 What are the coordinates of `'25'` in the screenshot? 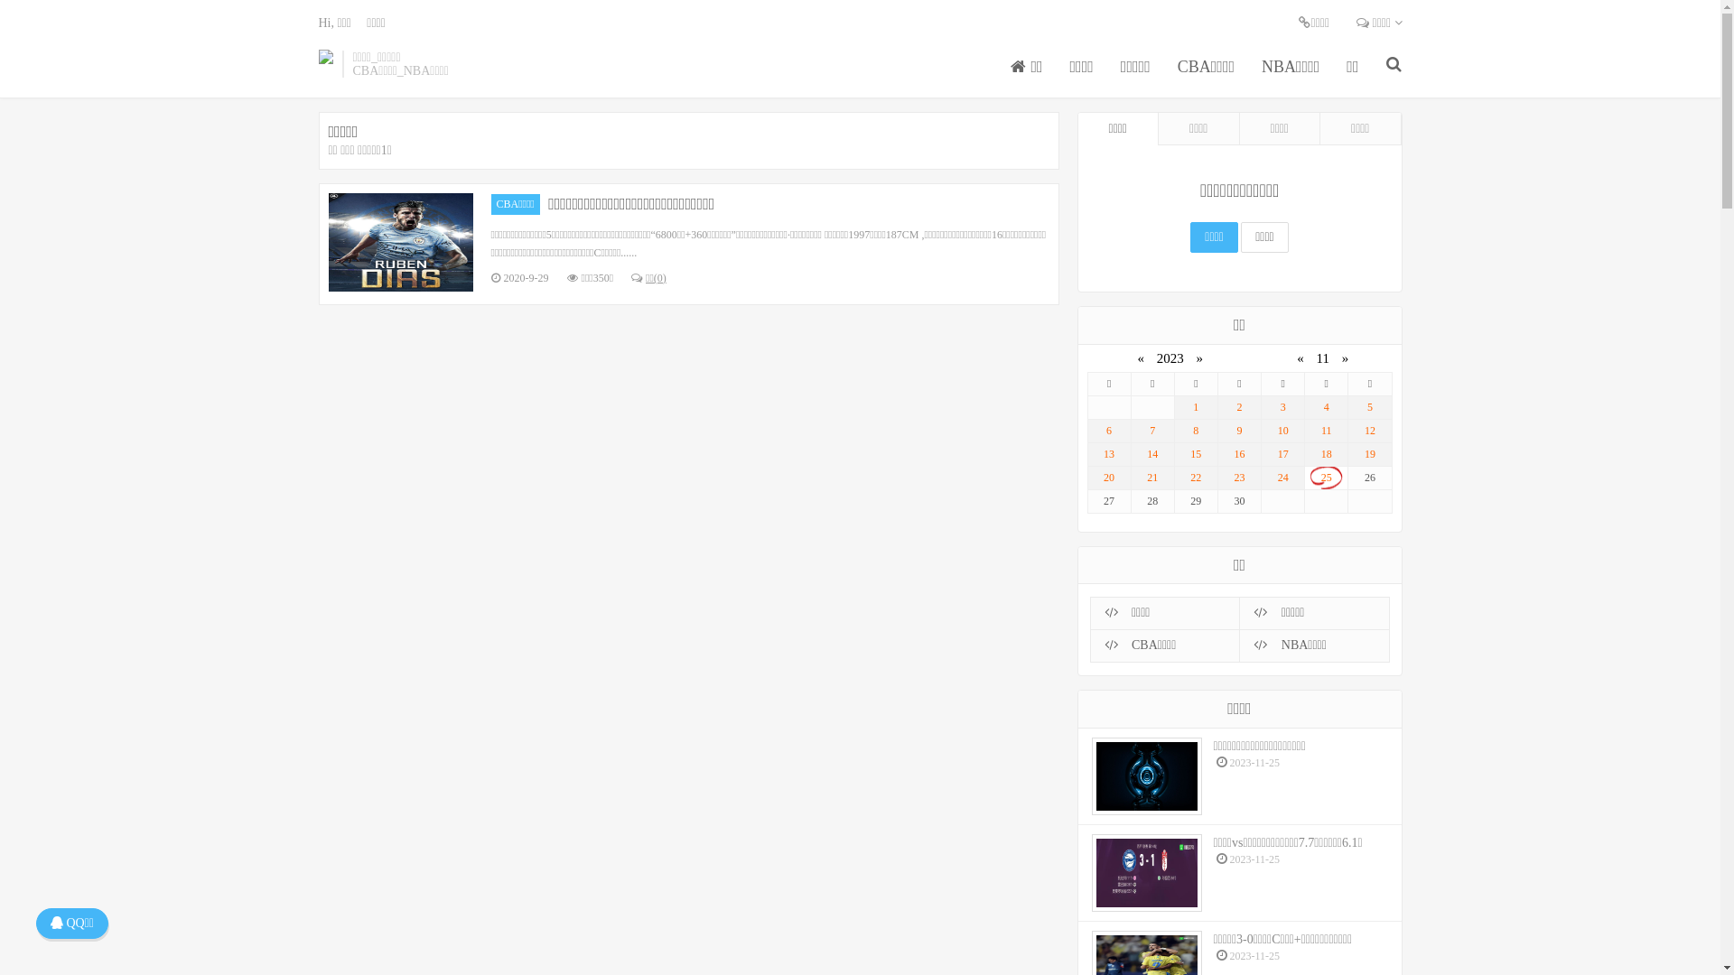 It's located at (1326, 477).